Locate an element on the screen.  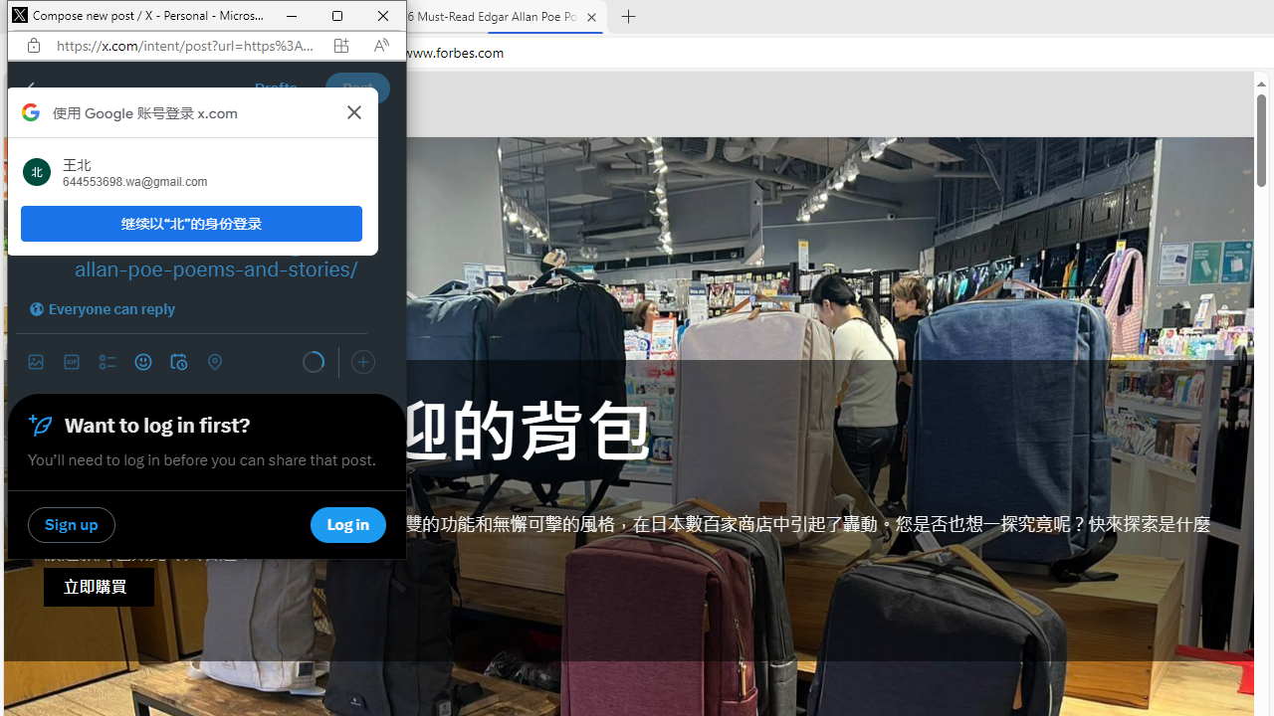
'Class: Bz112c Bz112c-r9oPif' is located at coordinates (354, 112).